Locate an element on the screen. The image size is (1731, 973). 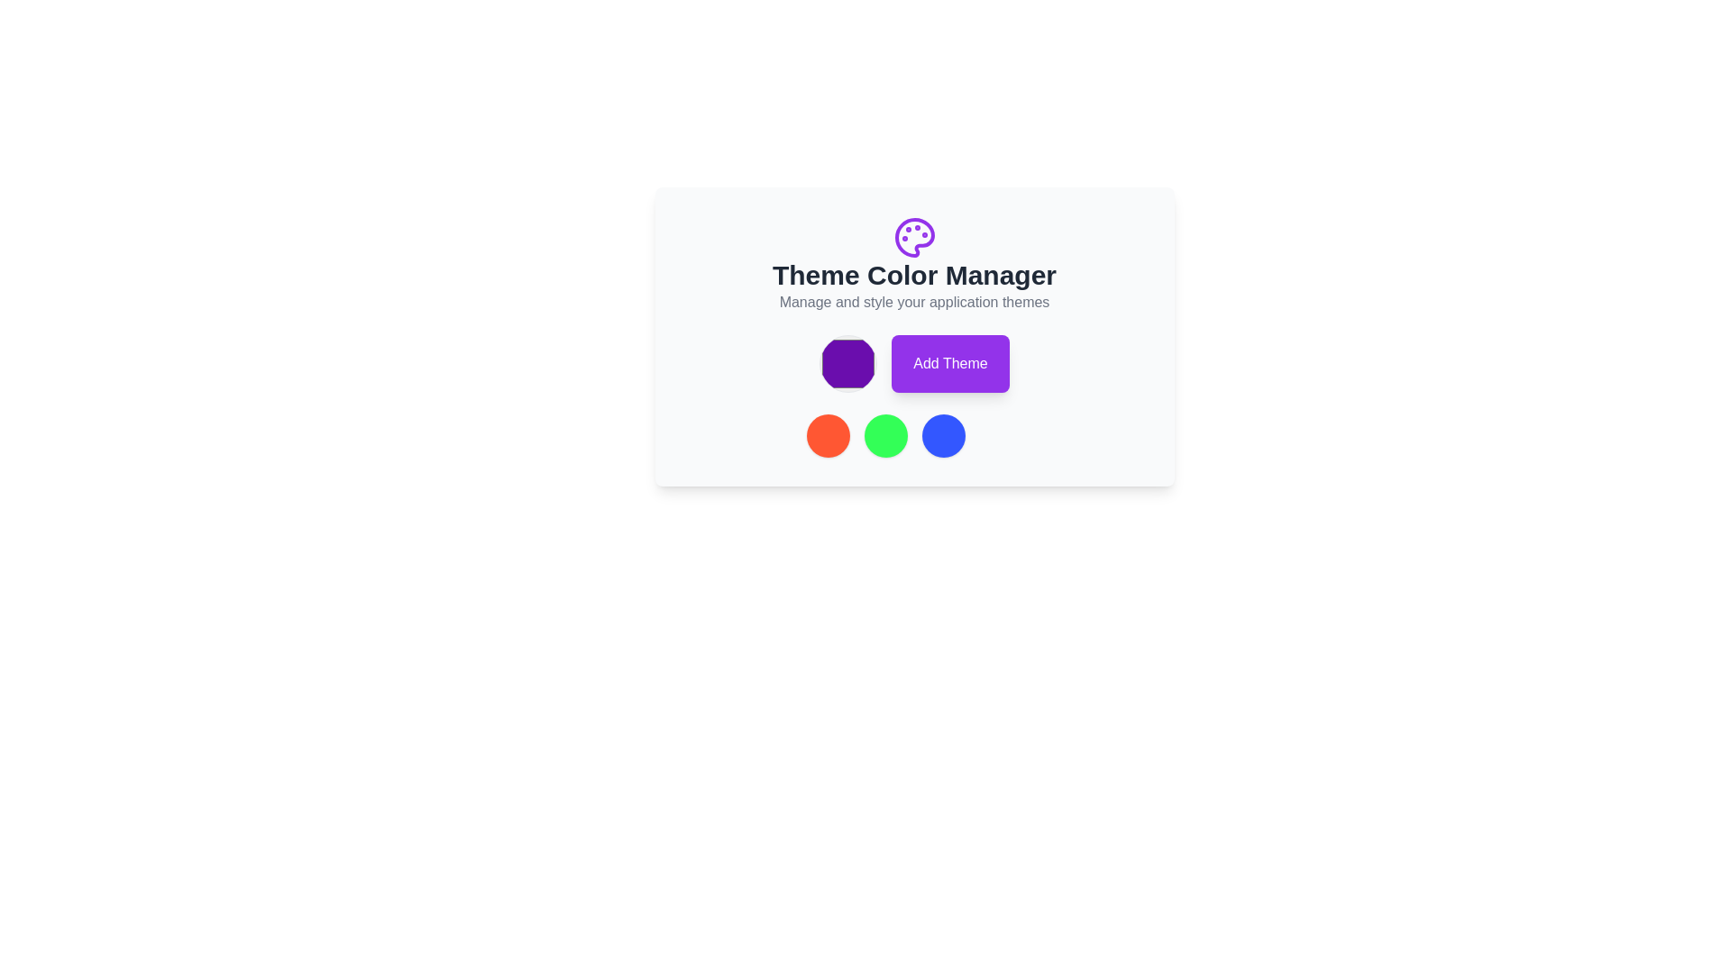
the bright blue circular Color Picker Option located beneath the 'Theme Color Manager' title is located at coordinates (942, 435).